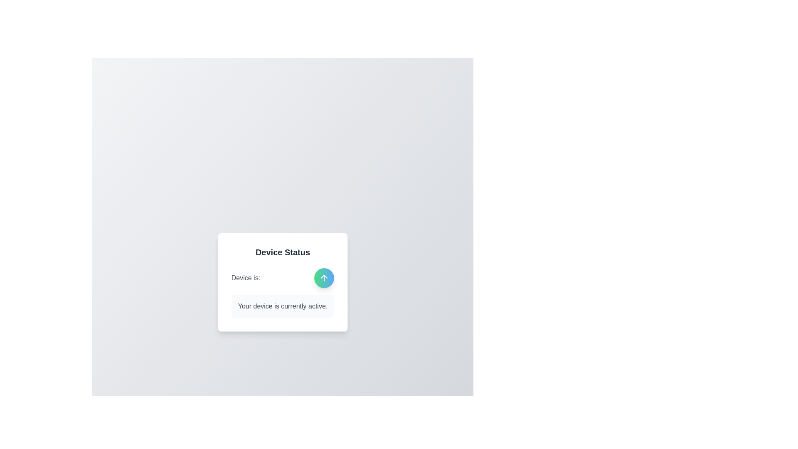 The width and height of the screenshot is (798, 449). Describe the element at coordinates (324, 278) in the screenshot. I see `the upward arrow button located to the far-right side of the layout, next to the 'Device is:' text` at that location.